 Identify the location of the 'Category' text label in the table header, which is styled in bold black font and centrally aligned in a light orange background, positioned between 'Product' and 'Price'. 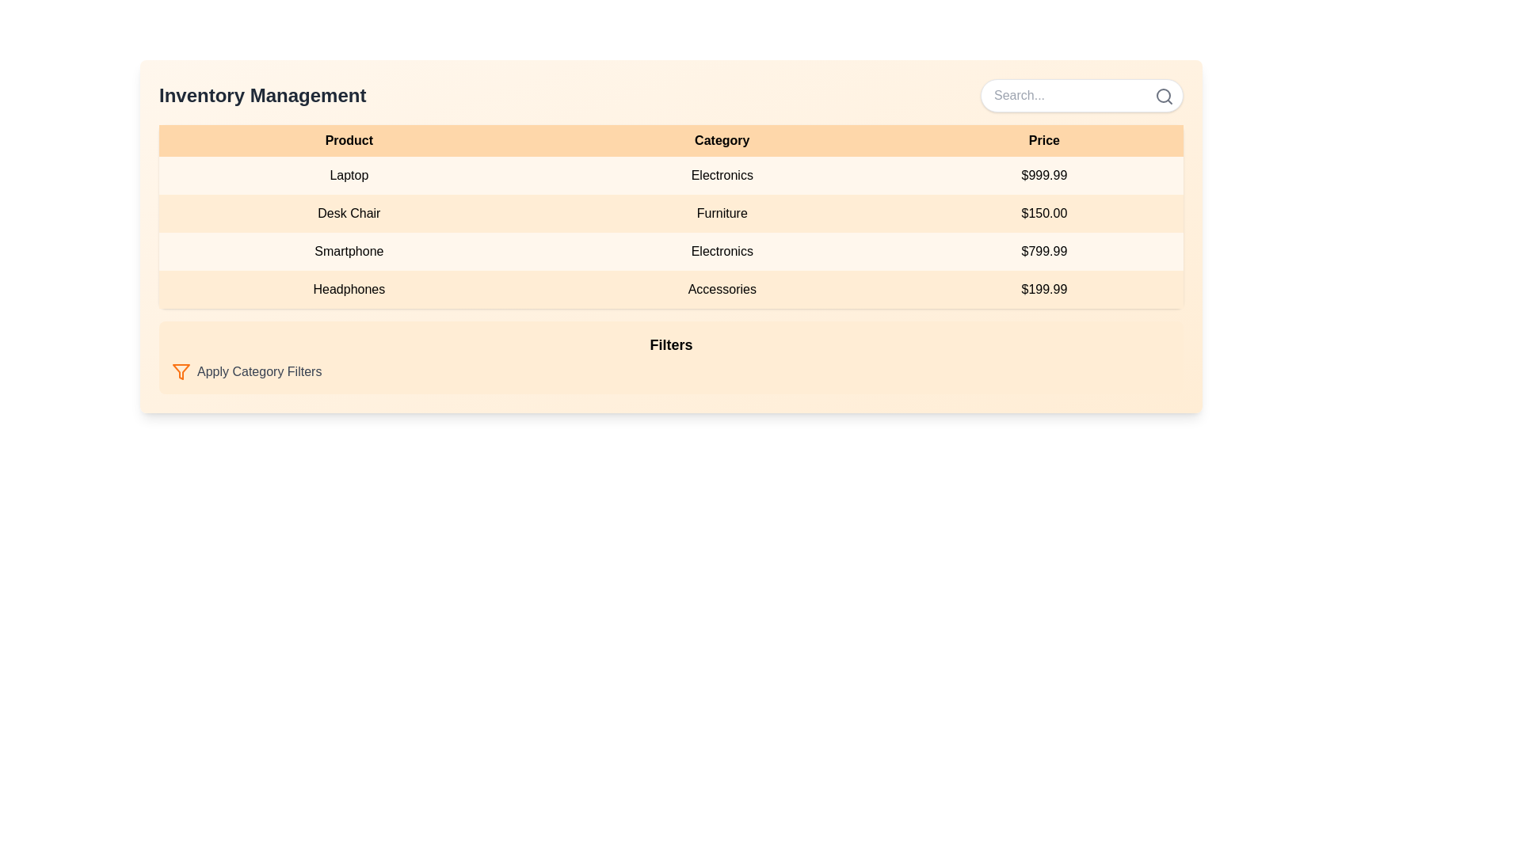
(721, 139).